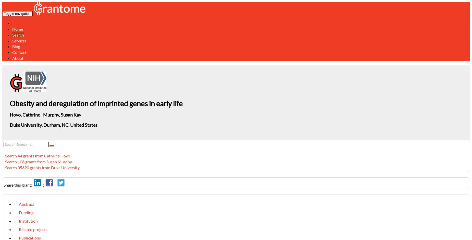 The height and width of the screenshot is (240, 472). What do you see at coordinates (16, 46) in the screenshot?
I see `'Blog'` at bounding box center [16, 46].